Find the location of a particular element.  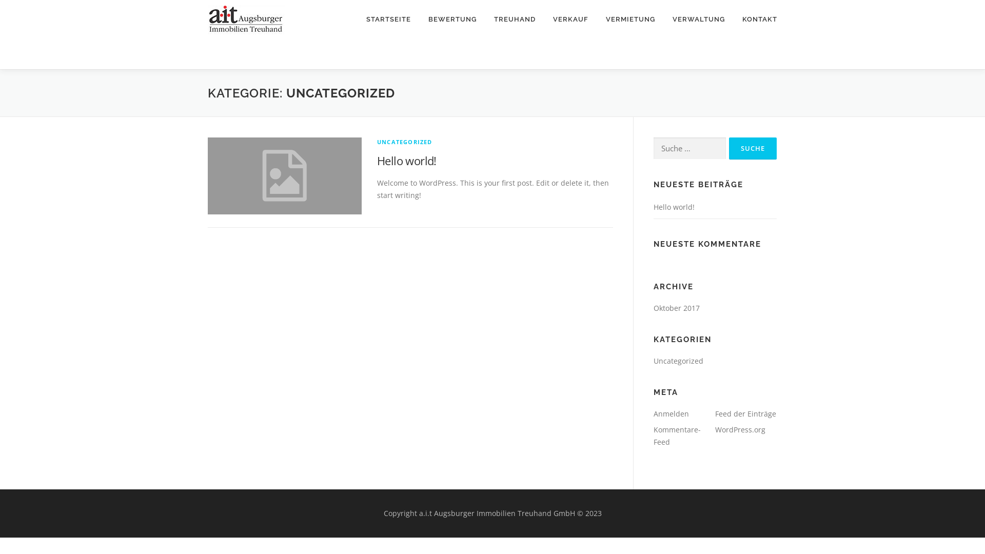

'VERKAUF' is located at coordinates (570, 19).